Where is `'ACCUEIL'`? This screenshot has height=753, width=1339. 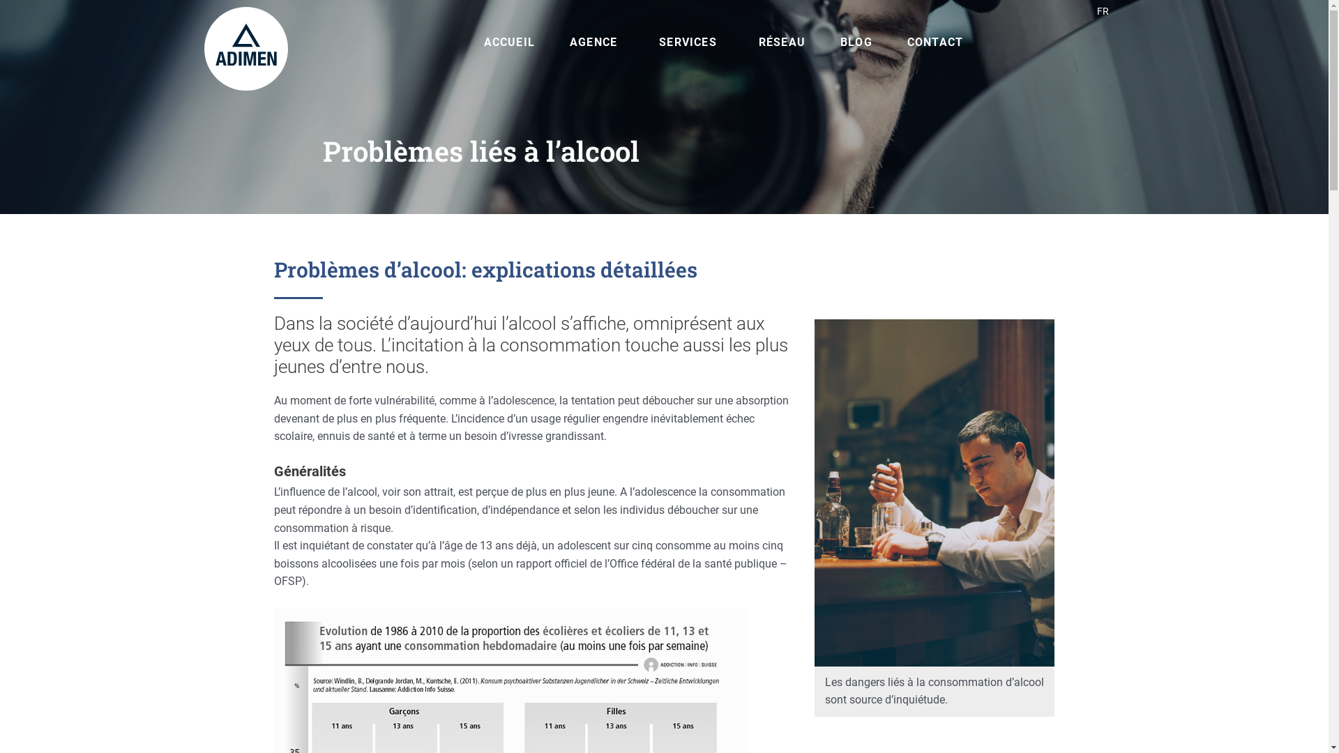 'ACCUEIL' is located at coordinates (477, 42).